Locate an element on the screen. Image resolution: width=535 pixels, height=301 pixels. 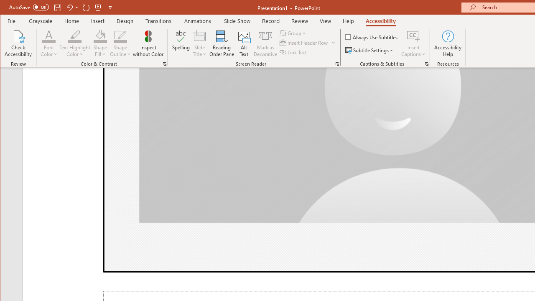
'Screen Reader' is located at coordinates (337, 64).